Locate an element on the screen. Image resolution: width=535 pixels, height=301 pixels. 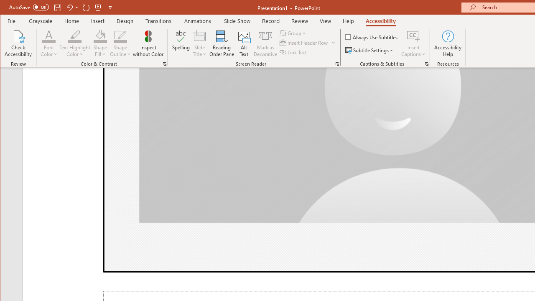
'Screen Reader' is located at coordinates (337, 64).